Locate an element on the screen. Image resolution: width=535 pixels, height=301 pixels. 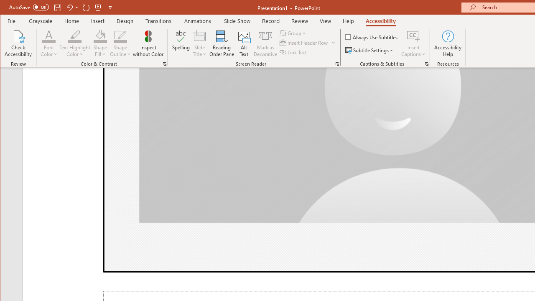
'Screen Reader' is located at coordinates (337, 64).